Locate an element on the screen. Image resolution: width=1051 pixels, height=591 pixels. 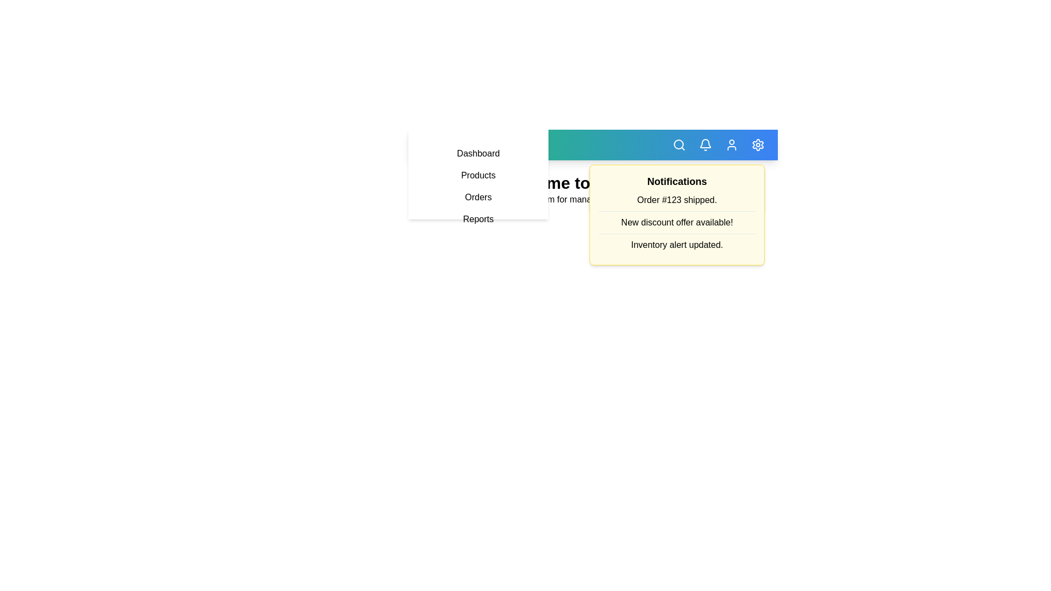
the second menu item labeled 'Products' located in the top-right section of the interface is located at coordinates (478, 175).